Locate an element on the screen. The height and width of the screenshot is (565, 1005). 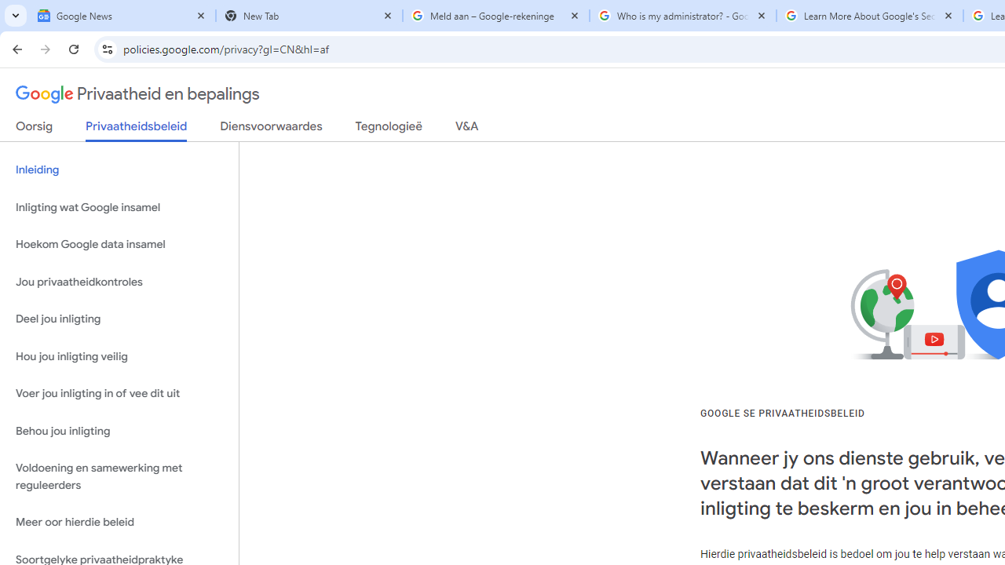
'New Tab' is located at coordinates (309, 16).